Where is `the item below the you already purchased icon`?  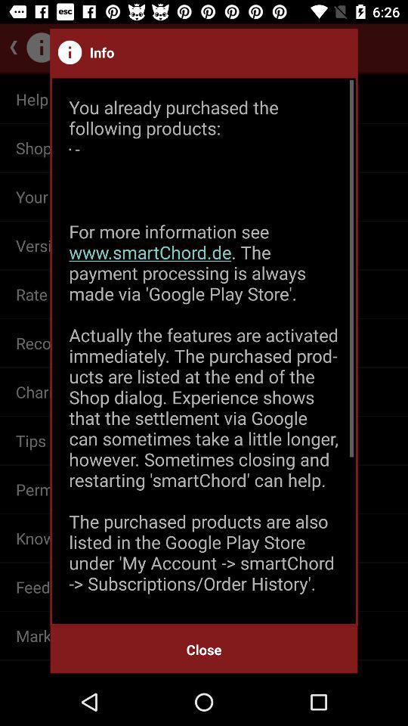 the item below the you already purchased icon is located at coordinates (204, 649).